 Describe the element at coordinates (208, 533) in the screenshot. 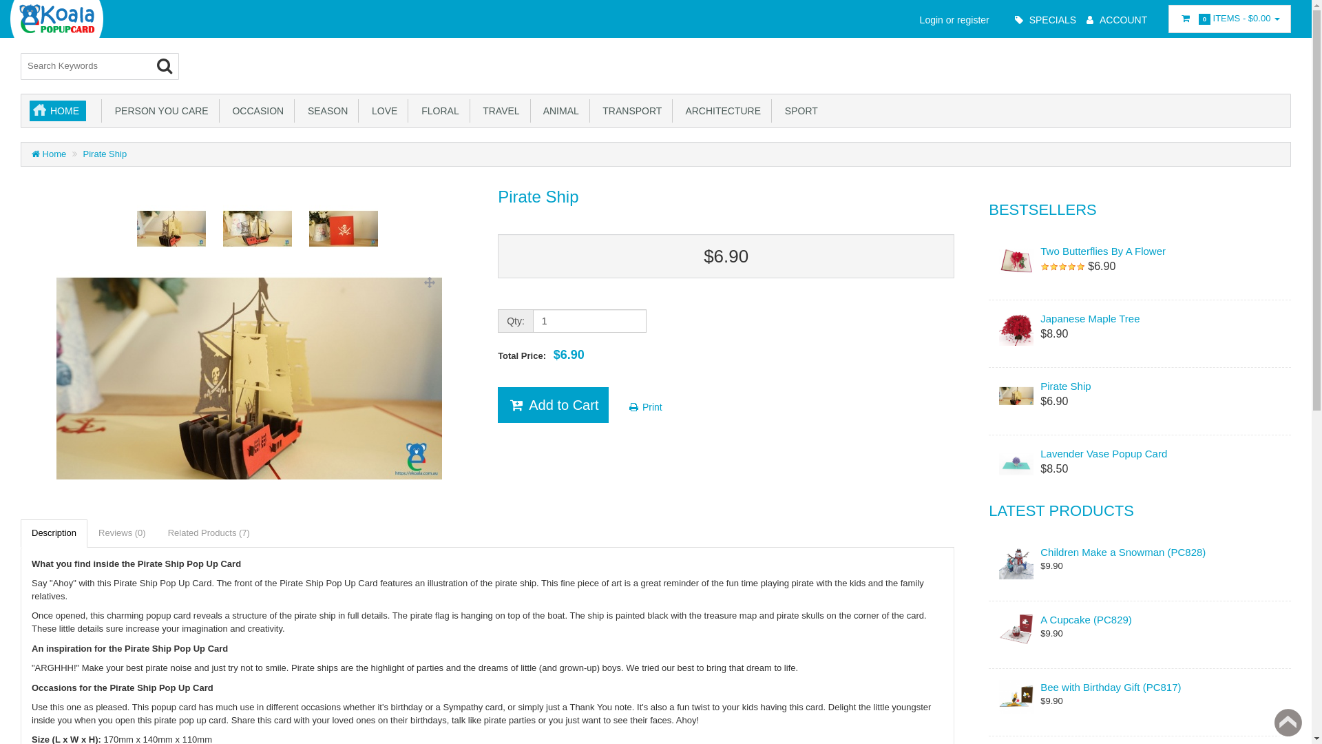

I see `'Related Products (7)'` at that location.